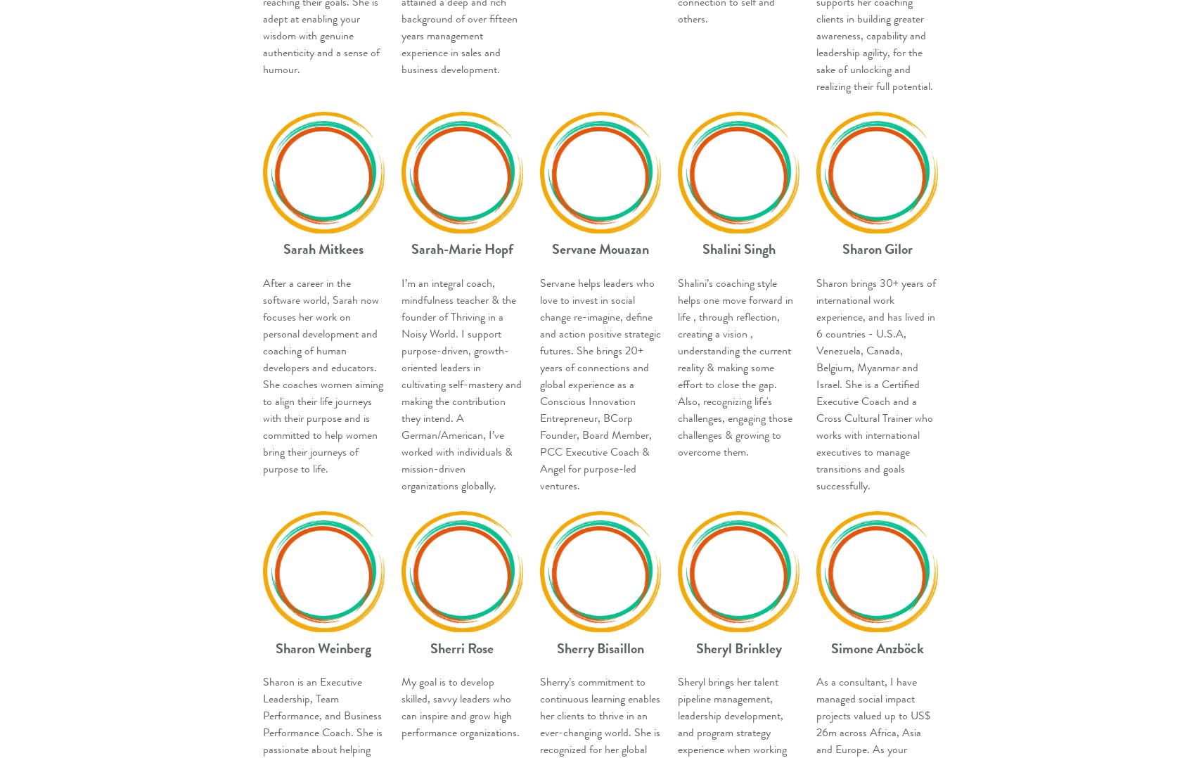 The width and height of the screenshot is (1201, 758). Describe the element at coordinates (323, 249) in the screenshot. I see `'Sarah Mitkees'` at that location.